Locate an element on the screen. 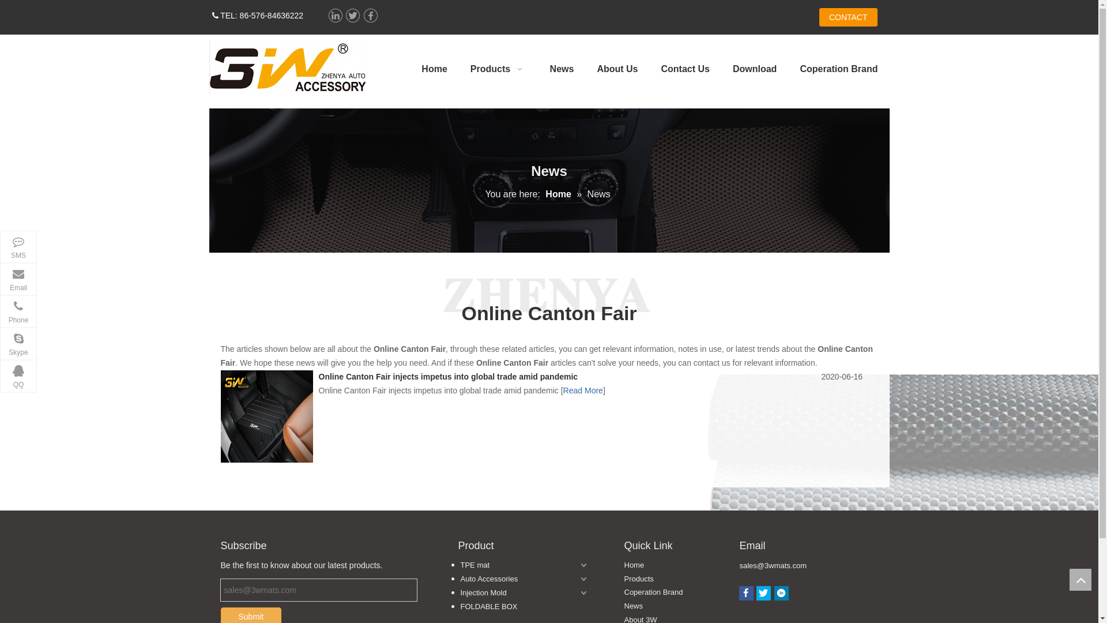 The image size is (1107, 623). 'CONTACT' is located at coordinates (848, 17).